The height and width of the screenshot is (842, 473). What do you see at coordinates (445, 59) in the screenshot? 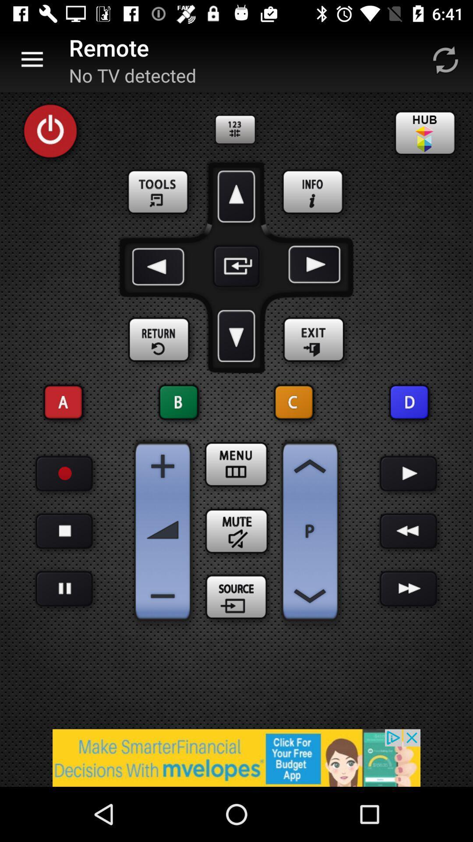
I see `refresh putturn` at bounding box center [445, 59].